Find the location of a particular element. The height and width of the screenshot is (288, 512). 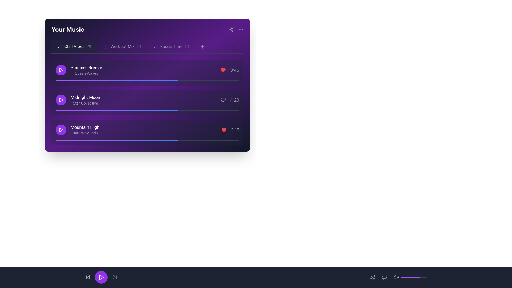

the progress bar is located at coordinates (70, 110).